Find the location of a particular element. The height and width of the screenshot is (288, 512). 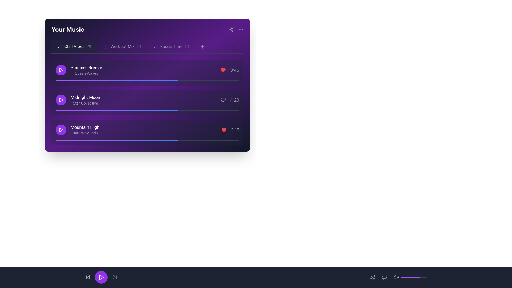

the progress bar is located at coordinates (70, 110).